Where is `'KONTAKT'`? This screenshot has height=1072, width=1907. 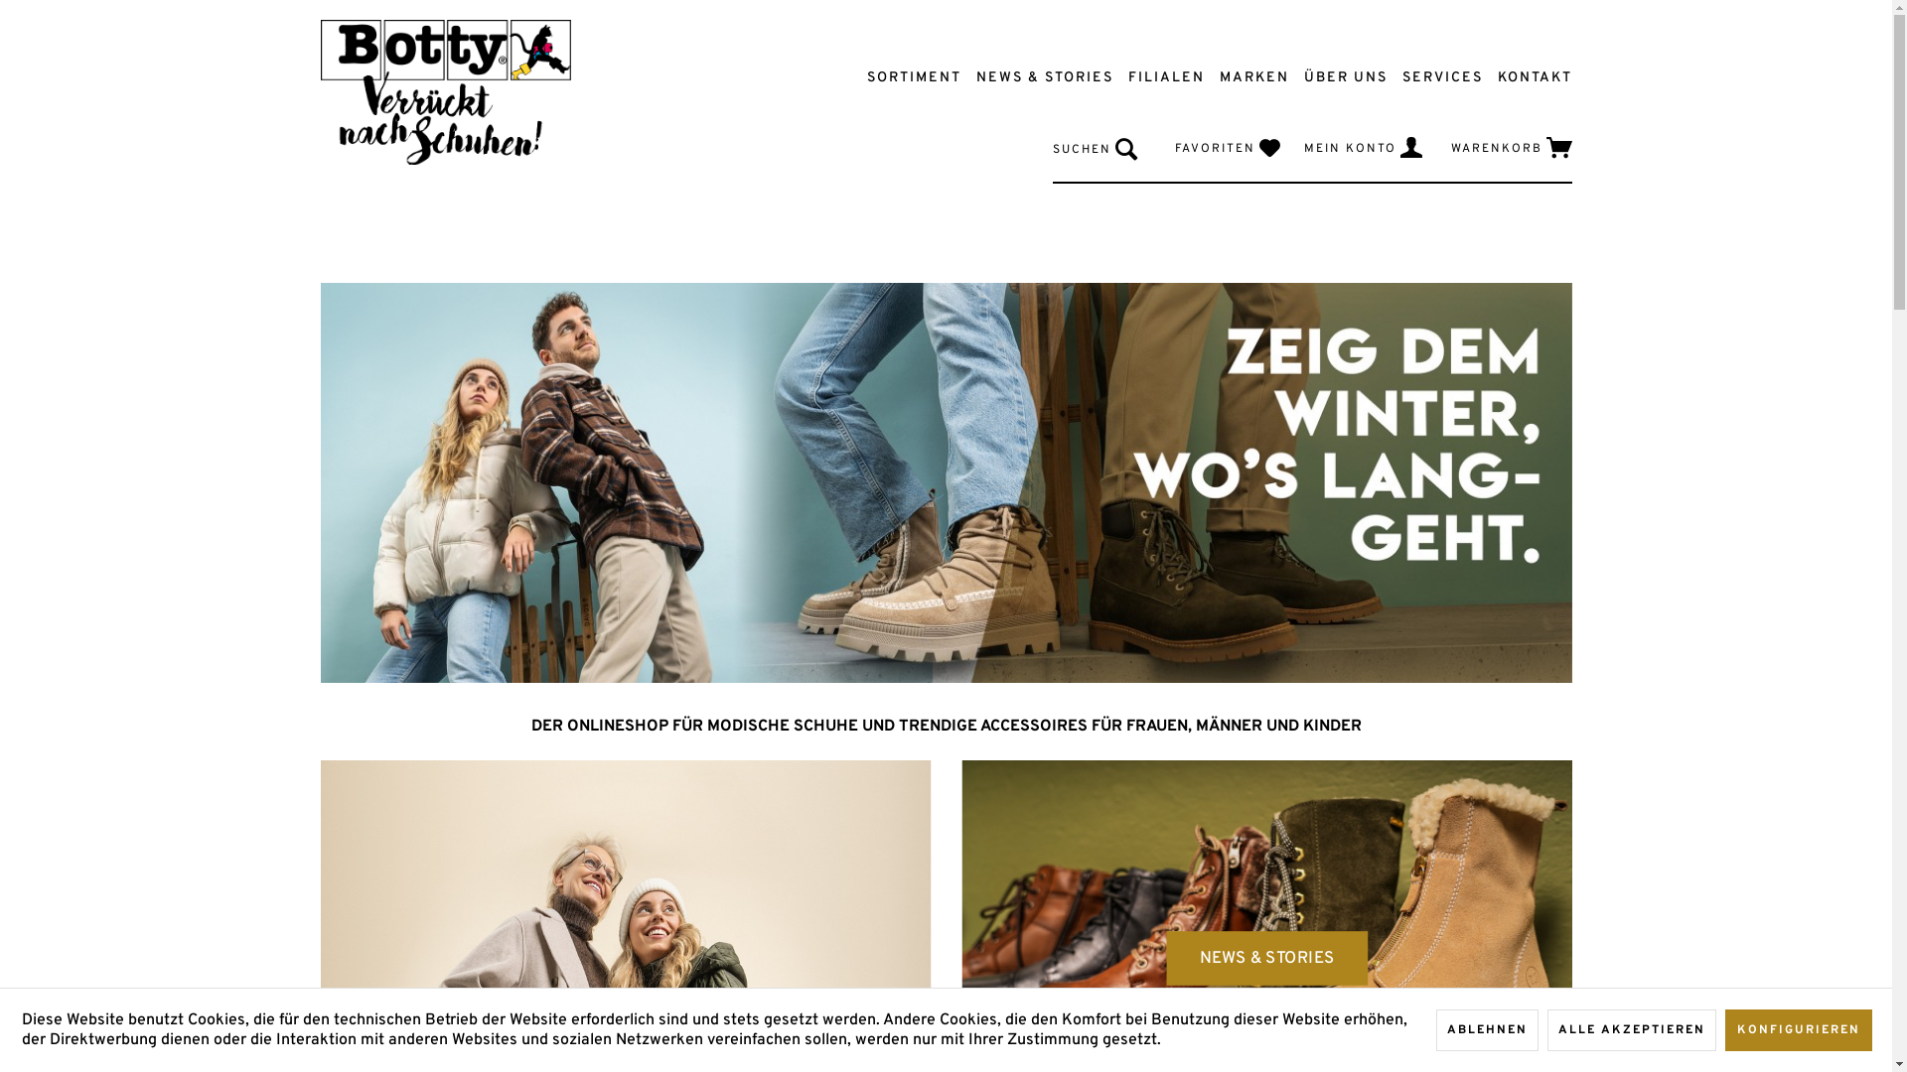 'KONTAKT' is located at coordinates (1525, 76).